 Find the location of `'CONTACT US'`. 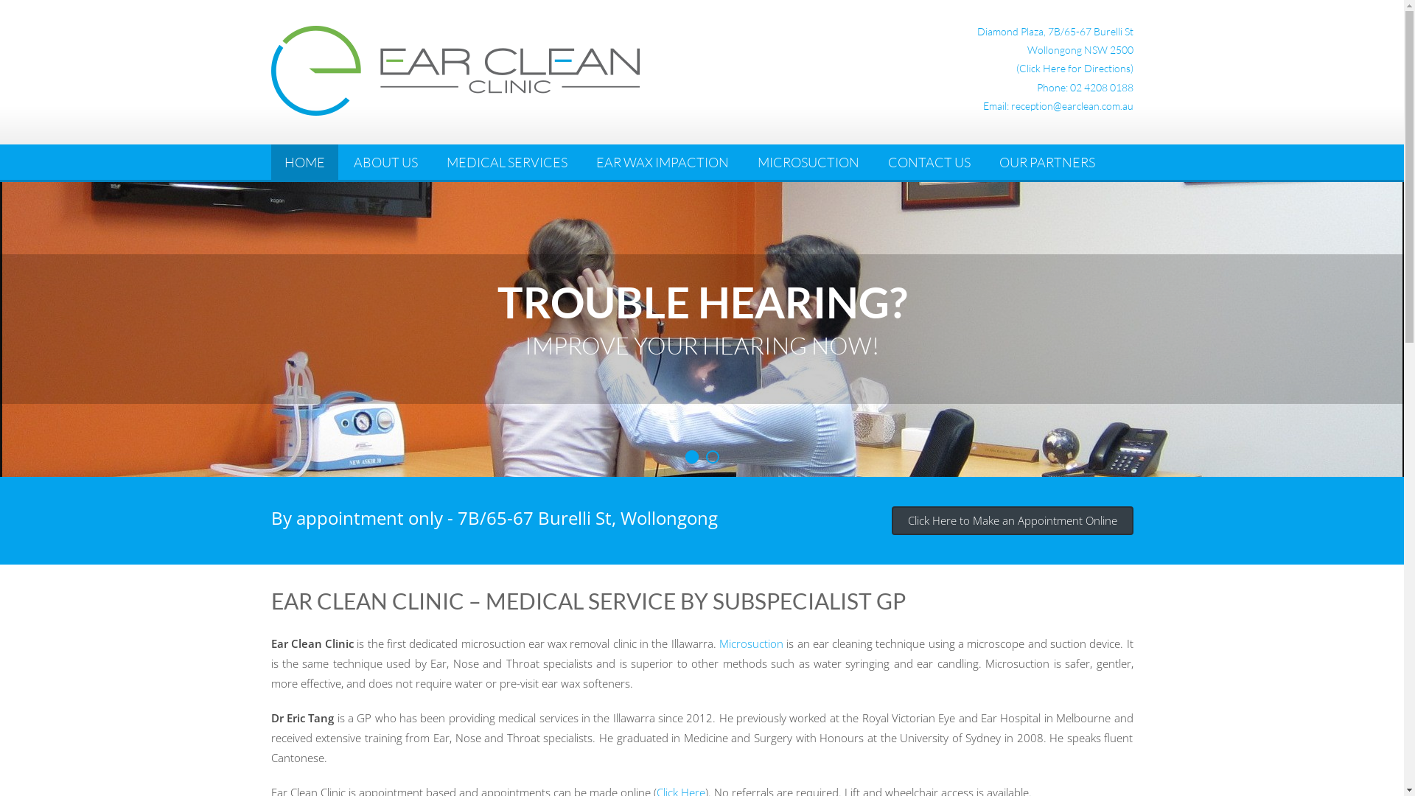

'CONTACT US' is located at coordinates (873, 161).